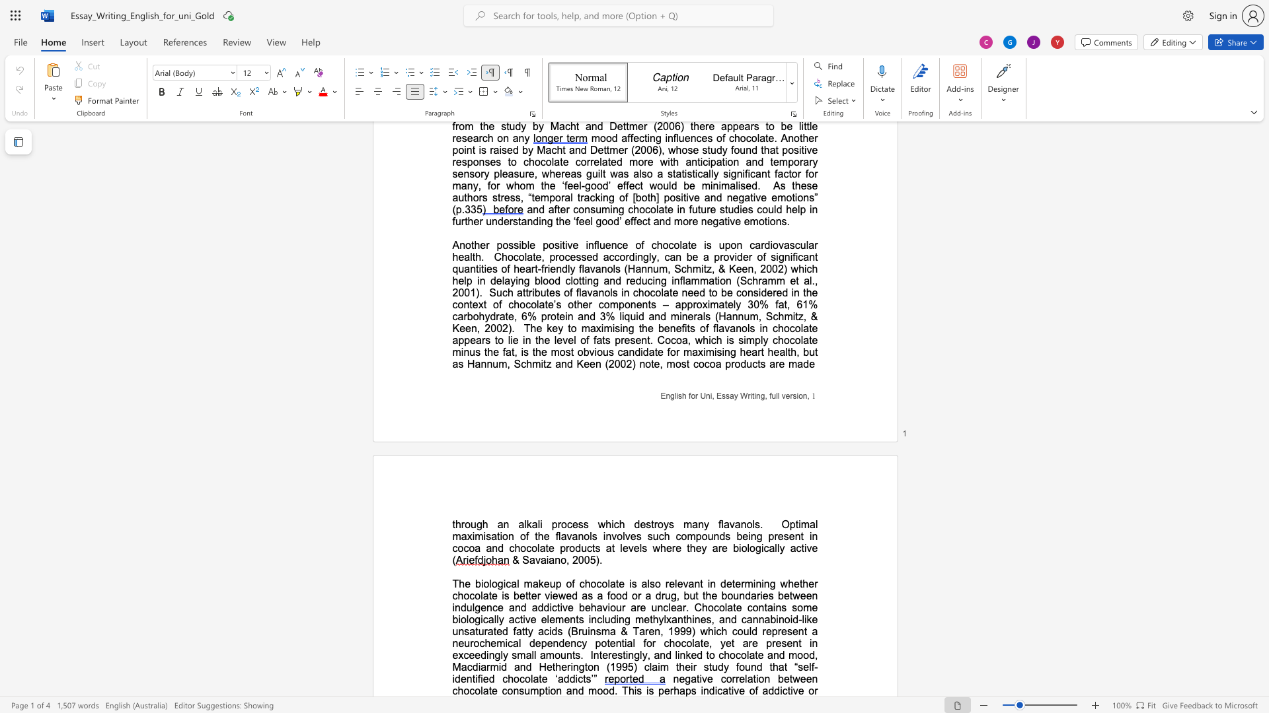  Describe the element at coordinates (525, 560) in the screenshot. I see `the 1th character "S" in the text` at that location.